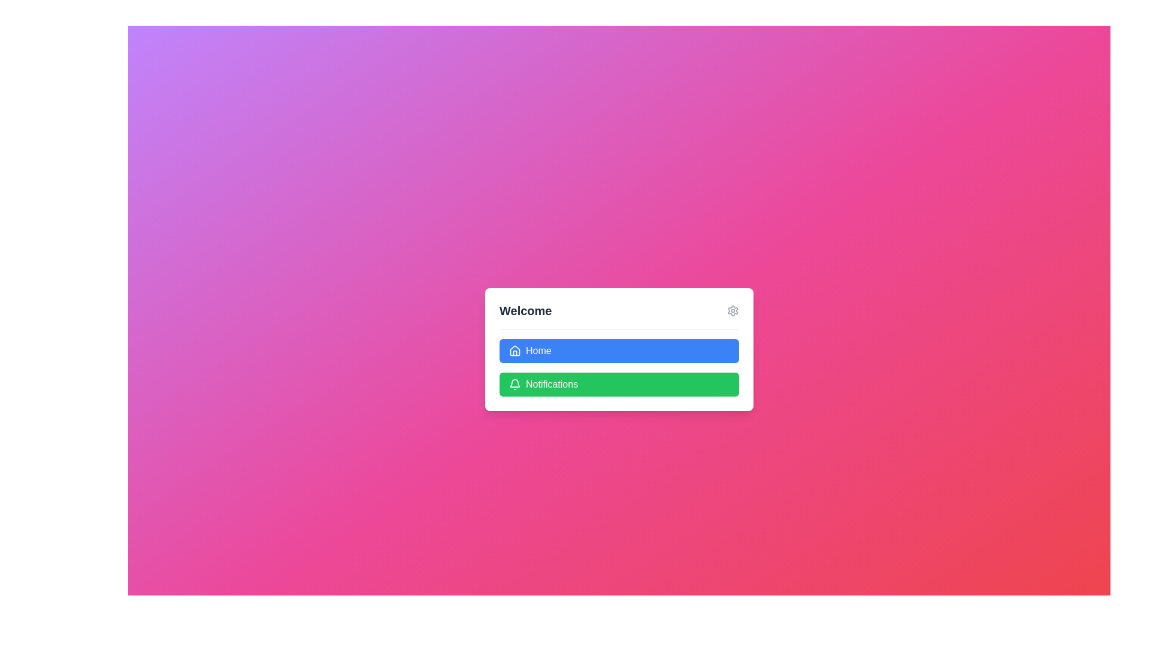 This screenshot has height=647, width=1150. I want to click on text label 'Home' which is styled in white against a blue background, located on the right side of a rounded rectangular blue button in the navigation menu, so click(538, 350).